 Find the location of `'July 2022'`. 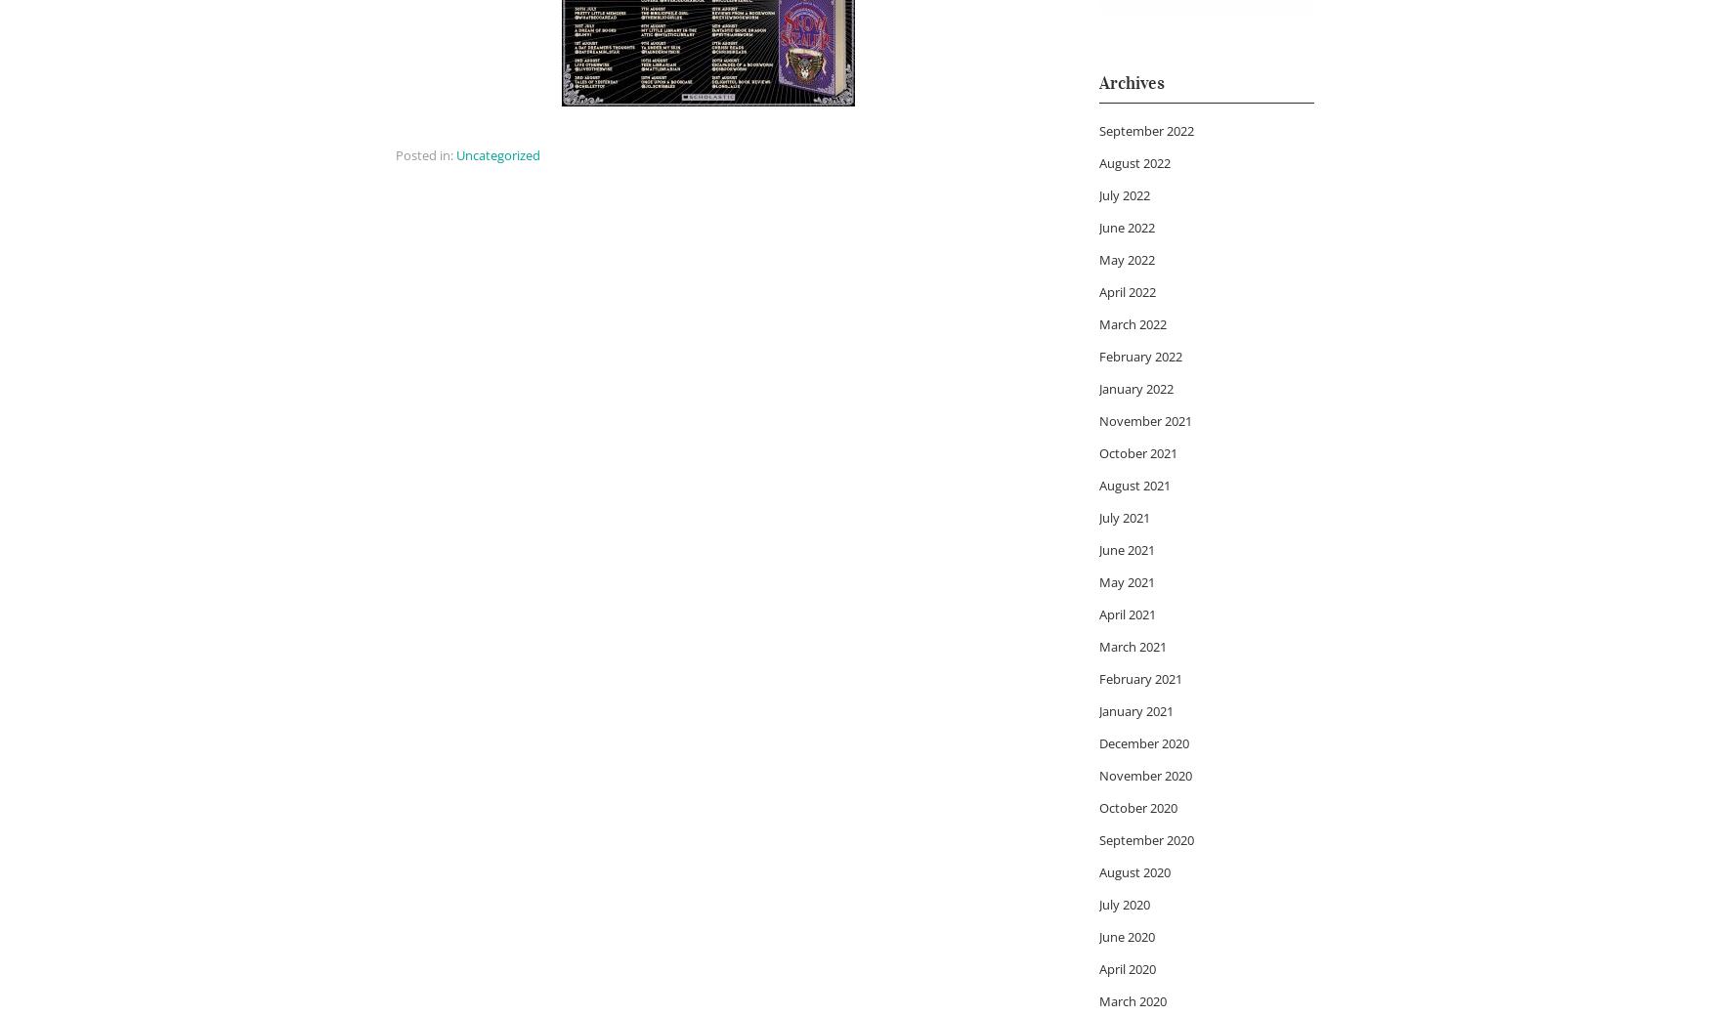

'July 2022' is located at coordinates (1123, 193).